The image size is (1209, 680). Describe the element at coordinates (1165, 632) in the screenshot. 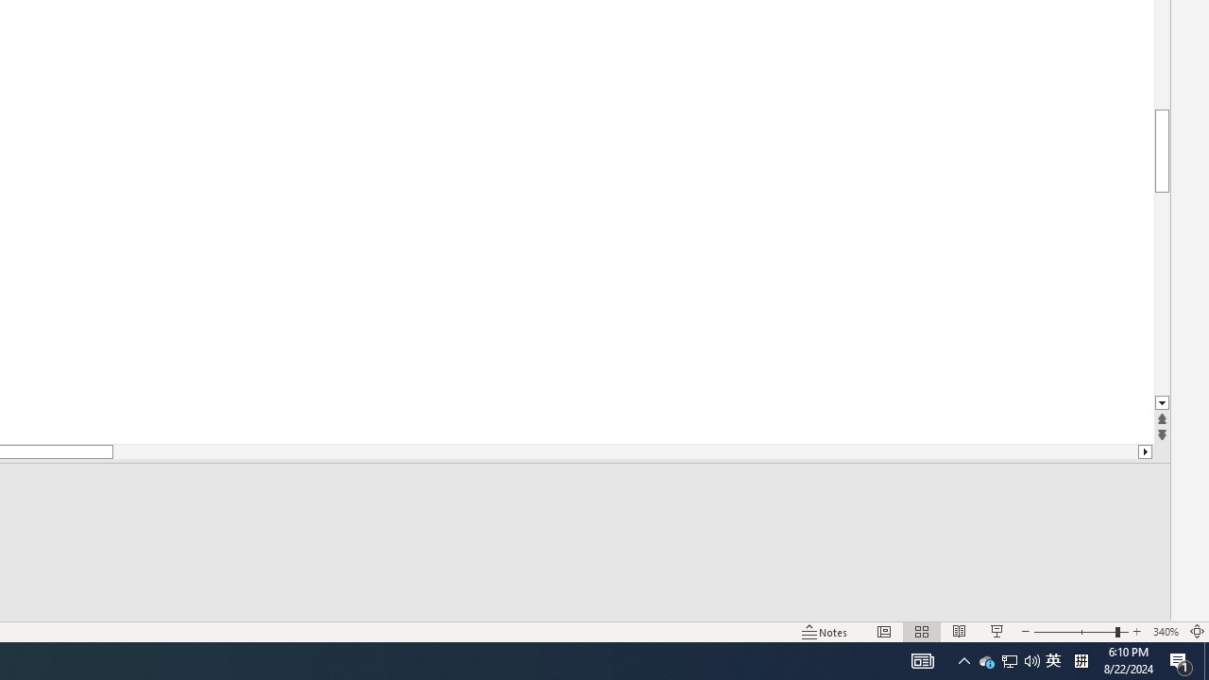

I see `'Zoom 340%'` at that location.